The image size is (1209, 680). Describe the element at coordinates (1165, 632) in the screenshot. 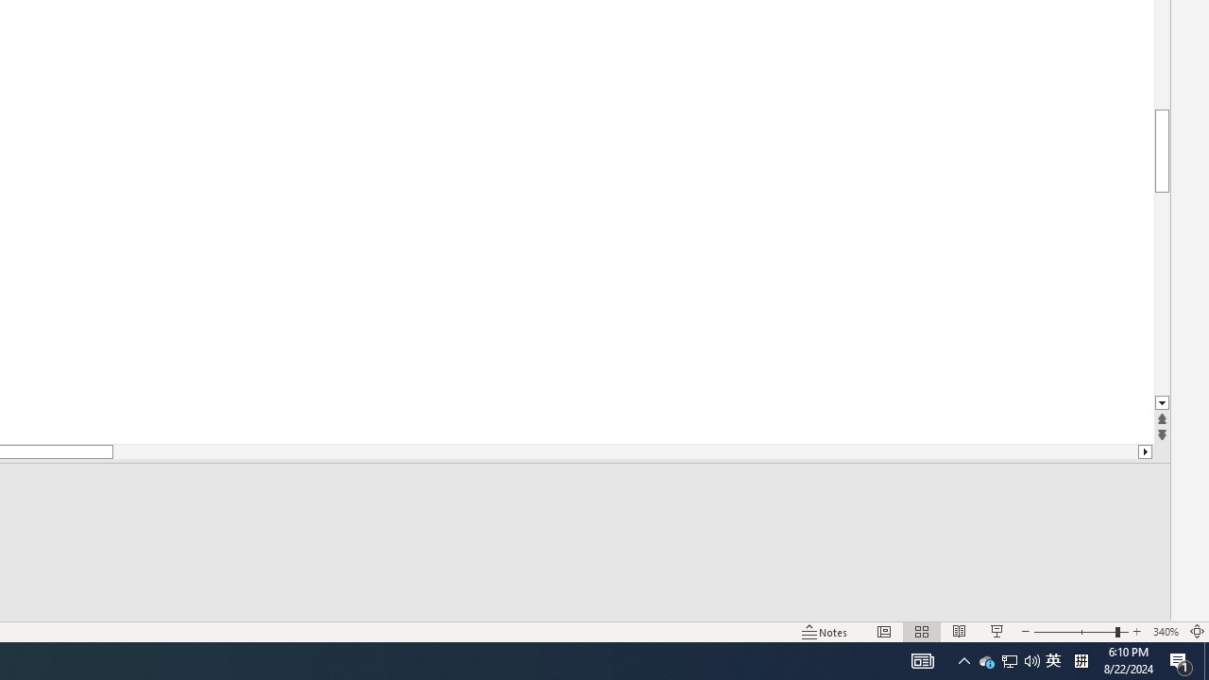

I see `'Zoom 340%'` at that location.